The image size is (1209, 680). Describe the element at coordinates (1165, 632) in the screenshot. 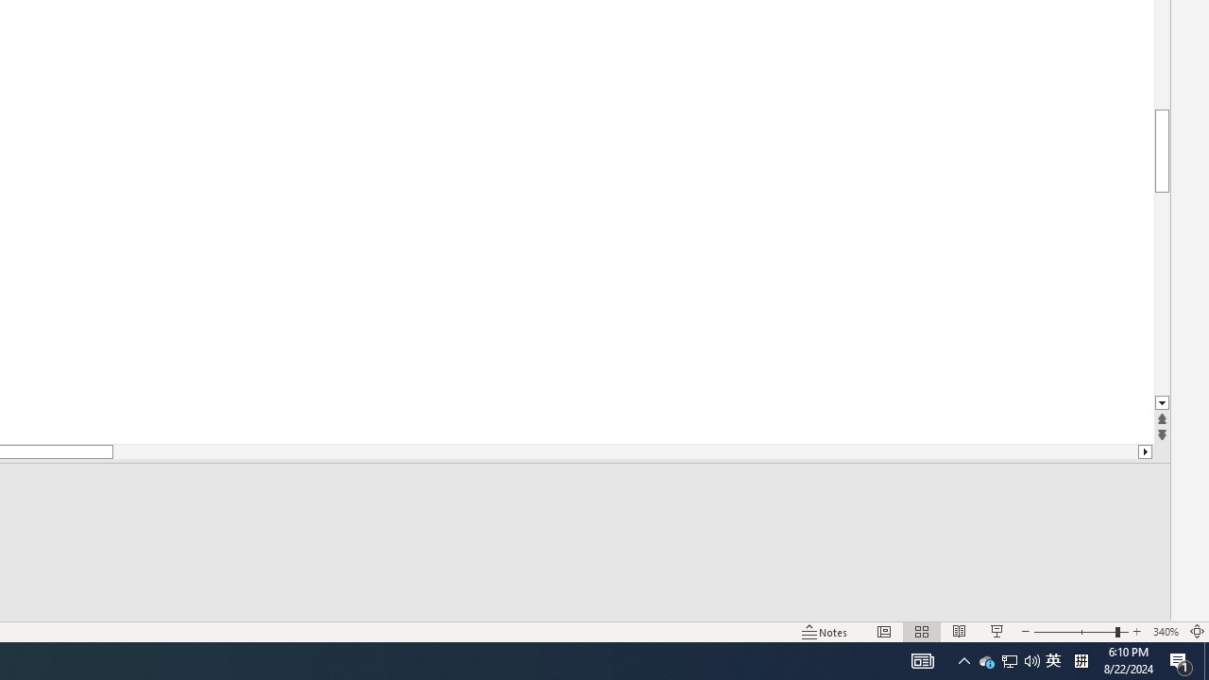

I see `'Zoom 340%'` at that location.